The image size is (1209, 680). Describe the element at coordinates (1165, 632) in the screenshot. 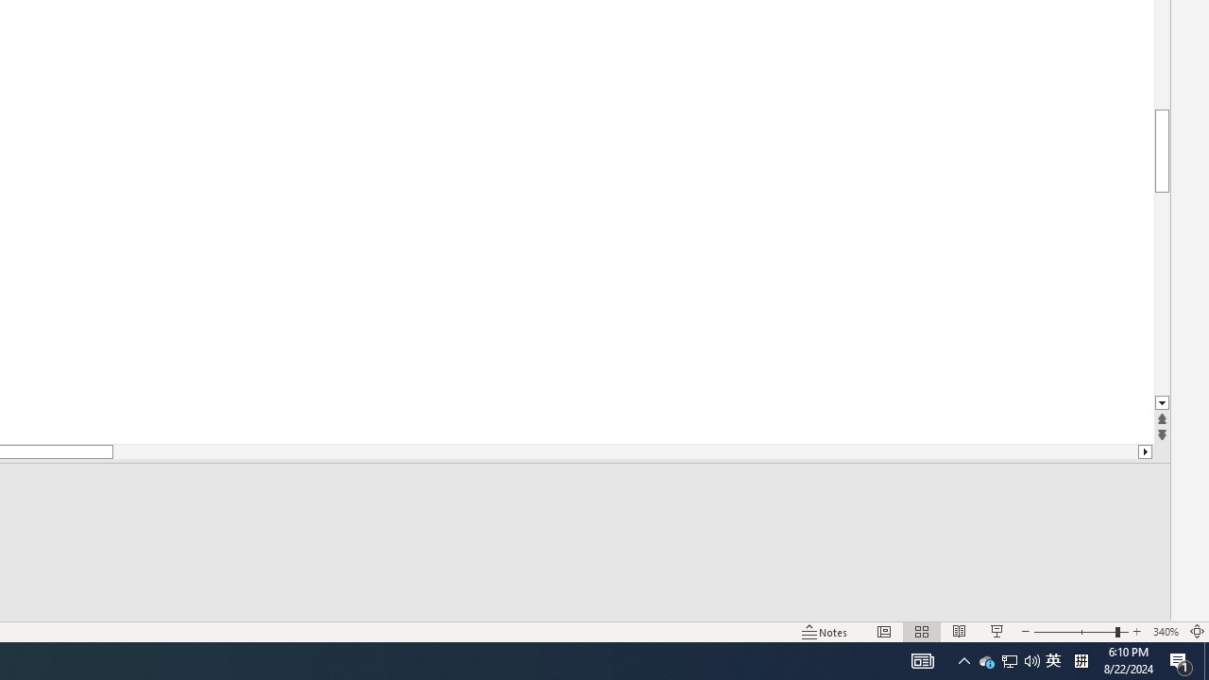

I see `'Zoom 340%'` at that location.